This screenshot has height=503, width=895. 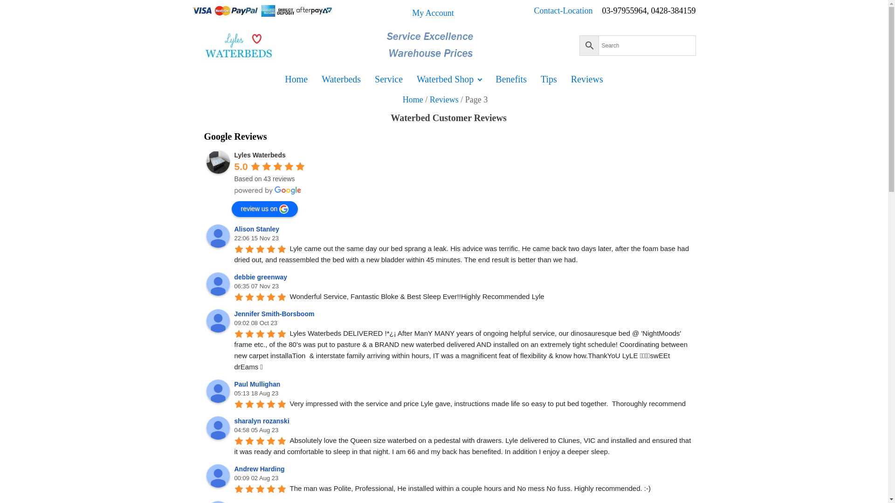 What do you see at coordinates (433, 13) in the screenshot?
I see `'My Account'` at bounding box center [433, 13].